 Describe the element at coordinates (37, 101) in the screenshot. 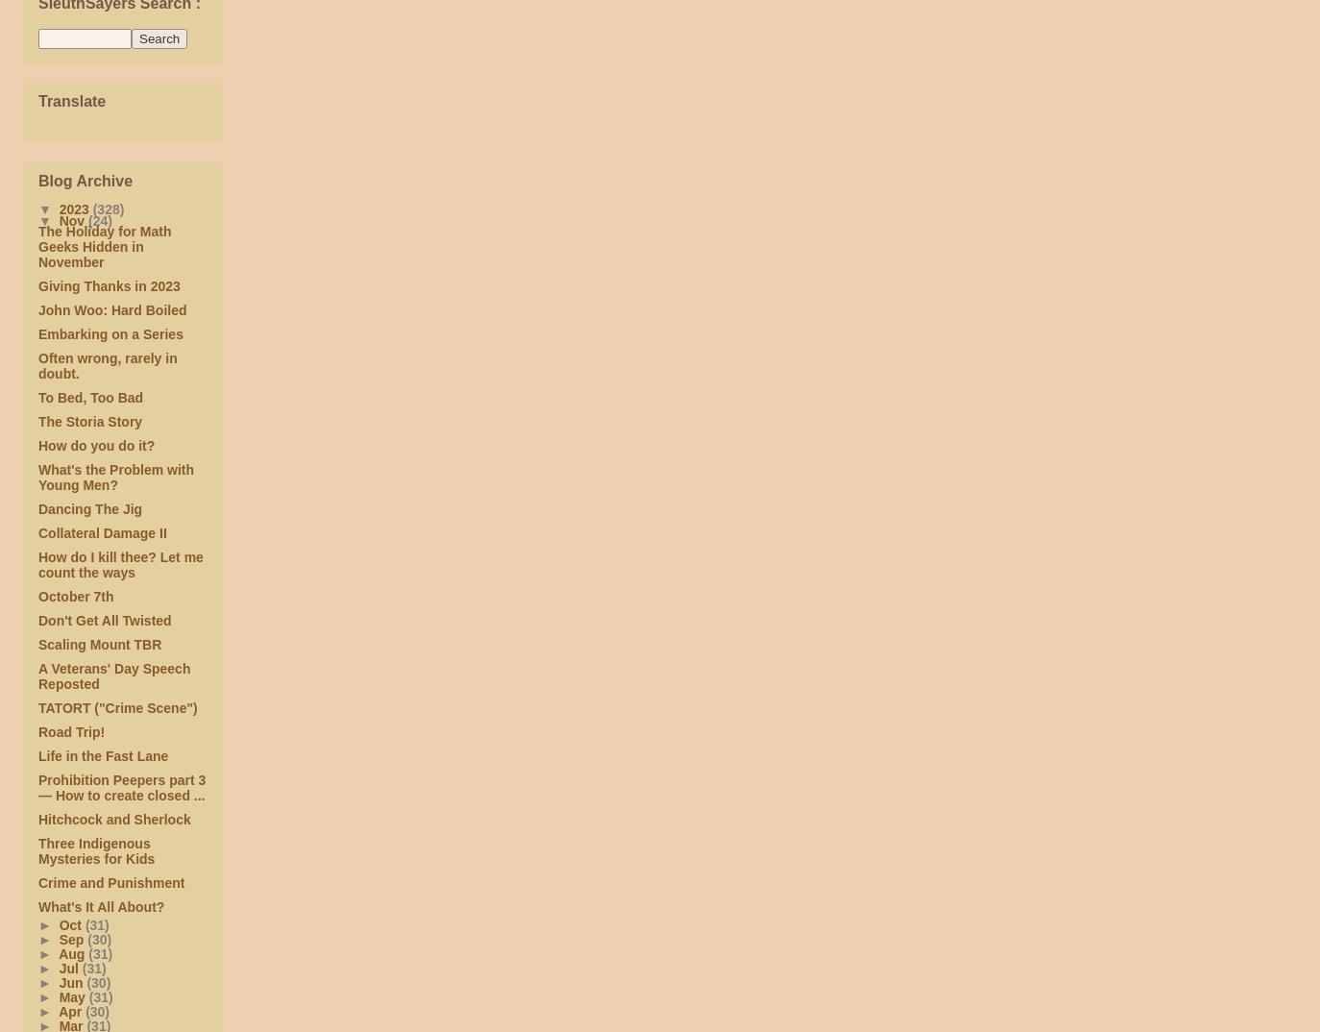

I see `'Translate'` at that location.